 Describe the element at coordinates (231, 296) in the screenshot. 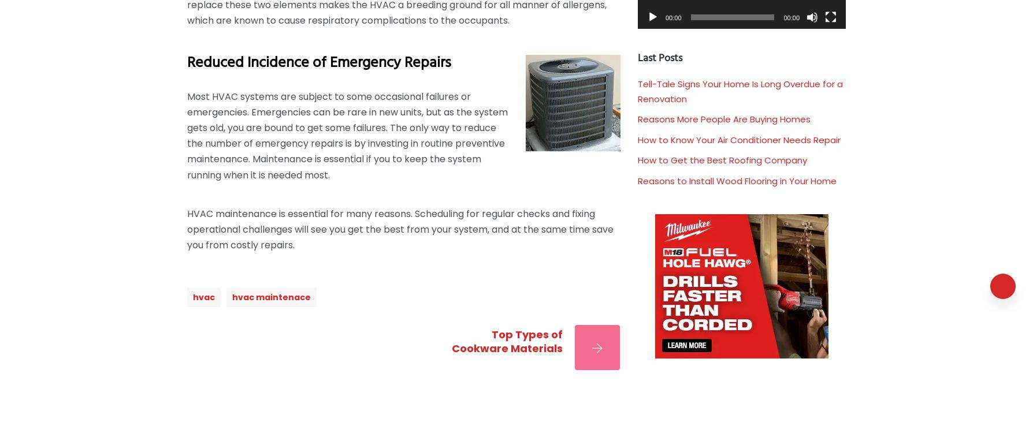

I see `'HVAC maintenace'` at that location.